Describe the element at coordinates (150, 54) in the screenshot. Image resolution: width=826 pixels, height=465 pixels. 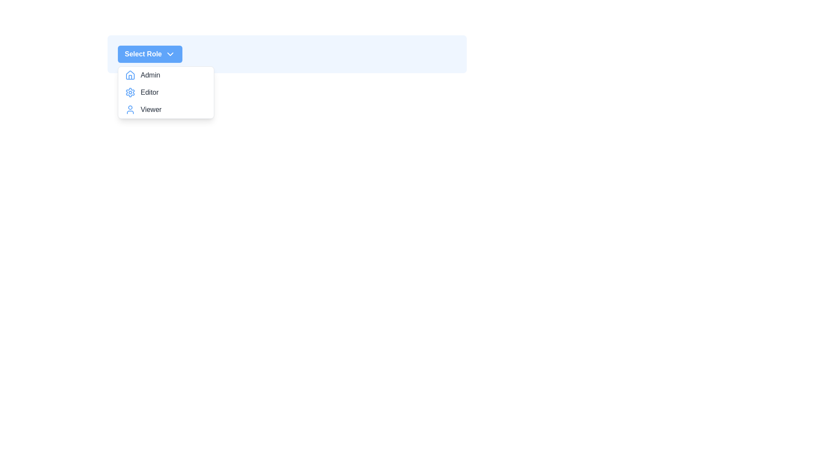
I see `the main button labeled 'Select Role' to toggle the dropdown menu` at that location.